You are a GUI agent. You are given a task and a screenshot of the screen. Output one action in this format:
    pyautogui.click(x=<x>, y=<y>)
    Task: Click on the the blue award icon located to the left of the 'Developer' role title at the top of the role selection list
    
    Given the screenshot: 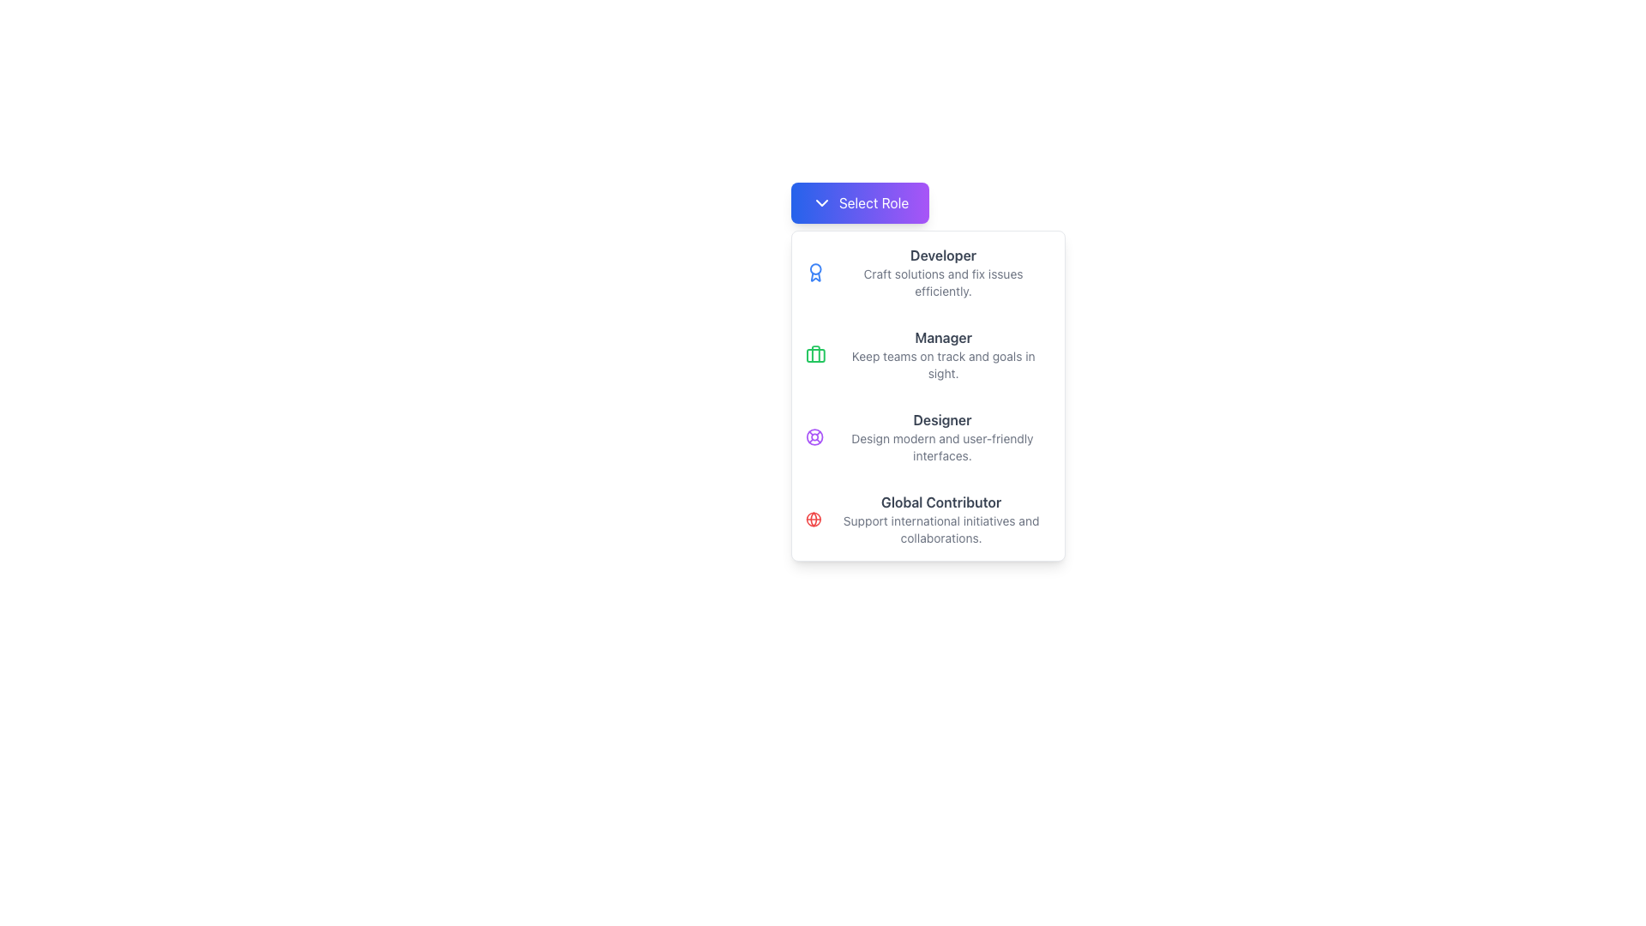 What is the action you would take?
    pyautogui.click(x=814, y=271)
    